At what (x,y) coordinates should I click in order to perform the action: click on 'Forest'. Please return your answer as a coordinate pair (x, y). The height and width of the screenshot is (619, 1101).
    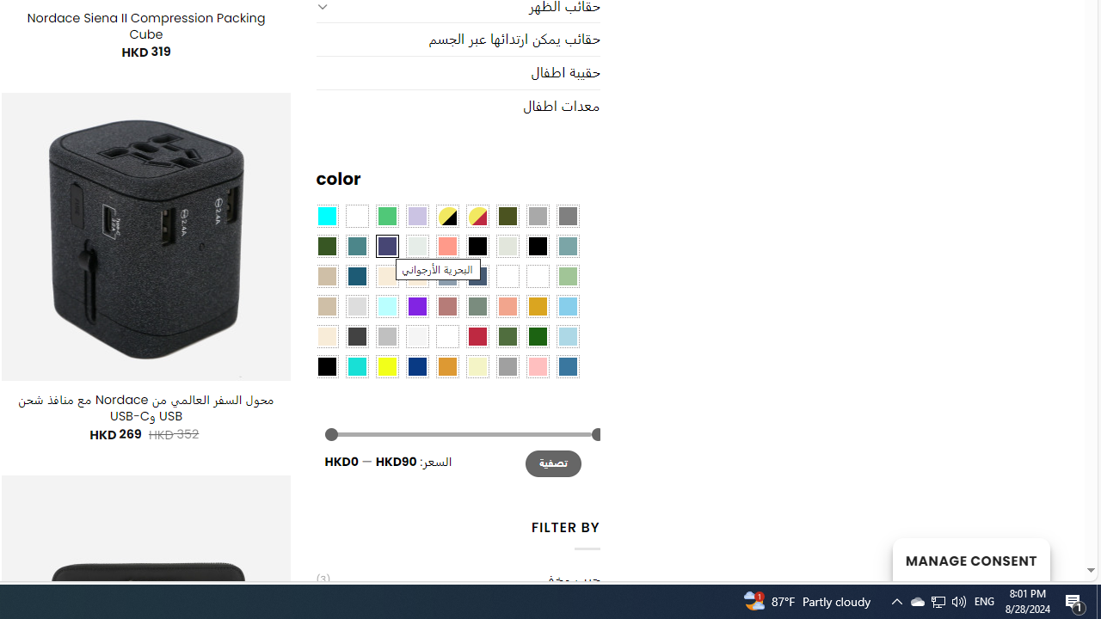
    Looking at the image, I should click on (327, 245).